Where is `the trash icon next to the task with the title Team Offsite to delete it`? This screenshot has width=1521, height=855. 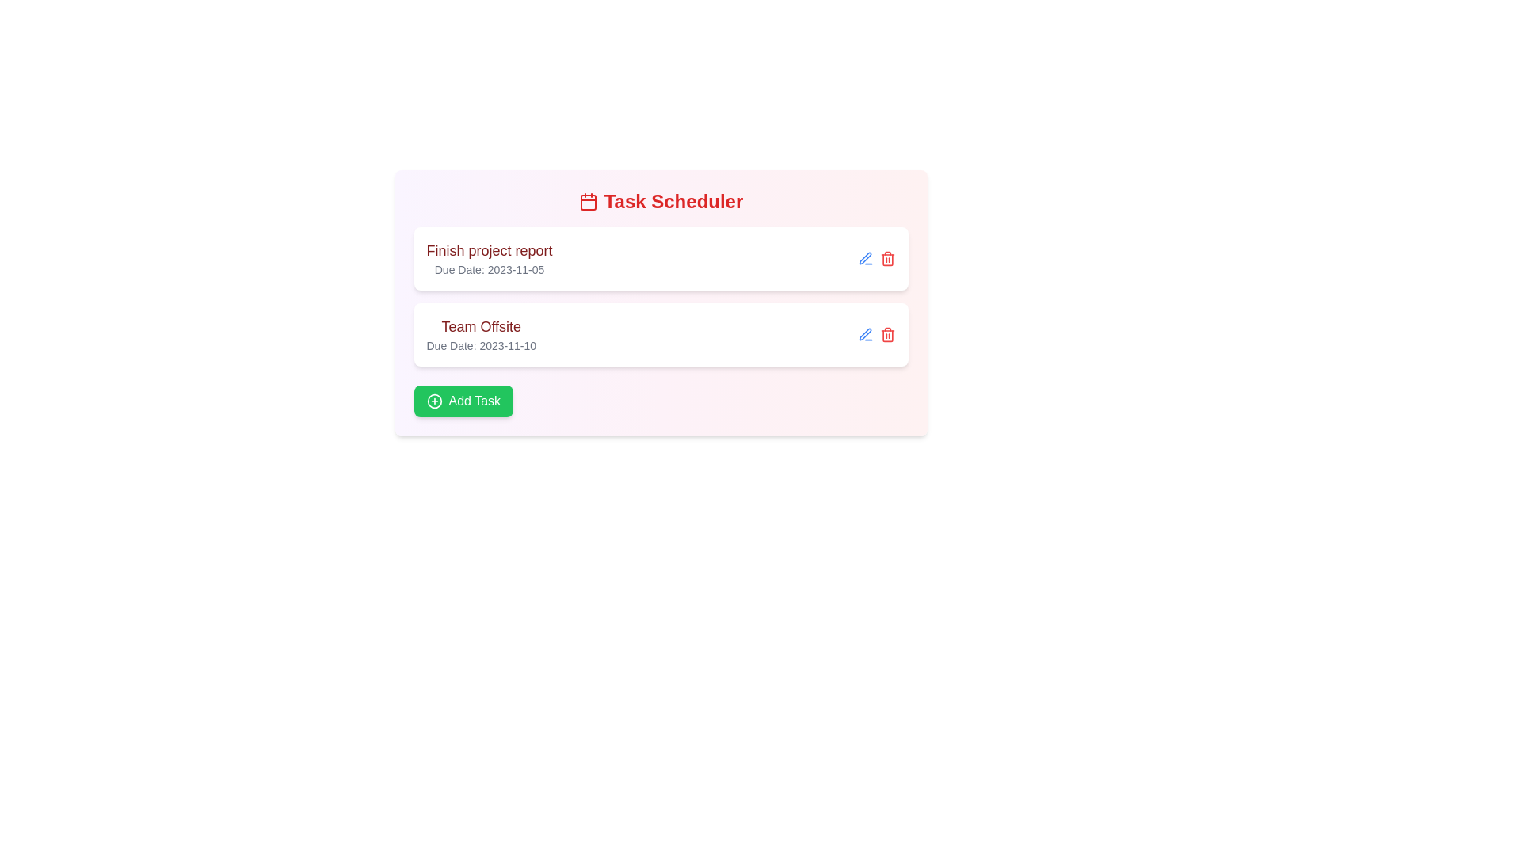 the trash icon next to the task with the title Team Offsite to delete it is located at coordinates (887, 334).